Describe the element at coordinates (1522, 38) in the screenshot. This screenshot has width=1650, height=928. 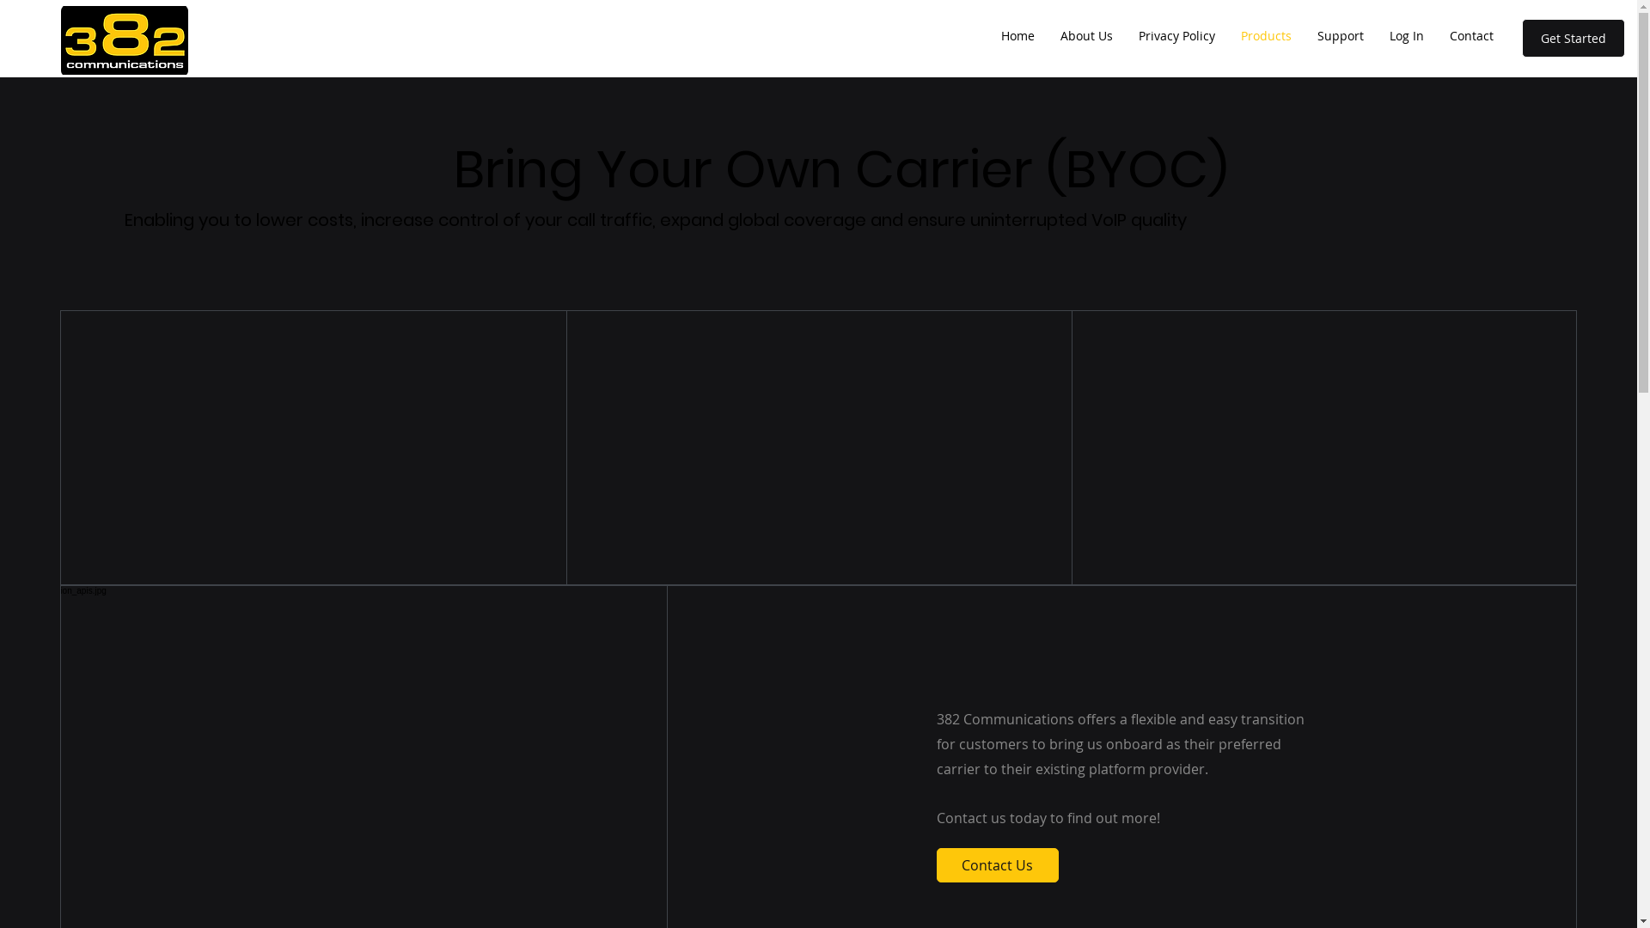
I see `'Get Started'` at that location.